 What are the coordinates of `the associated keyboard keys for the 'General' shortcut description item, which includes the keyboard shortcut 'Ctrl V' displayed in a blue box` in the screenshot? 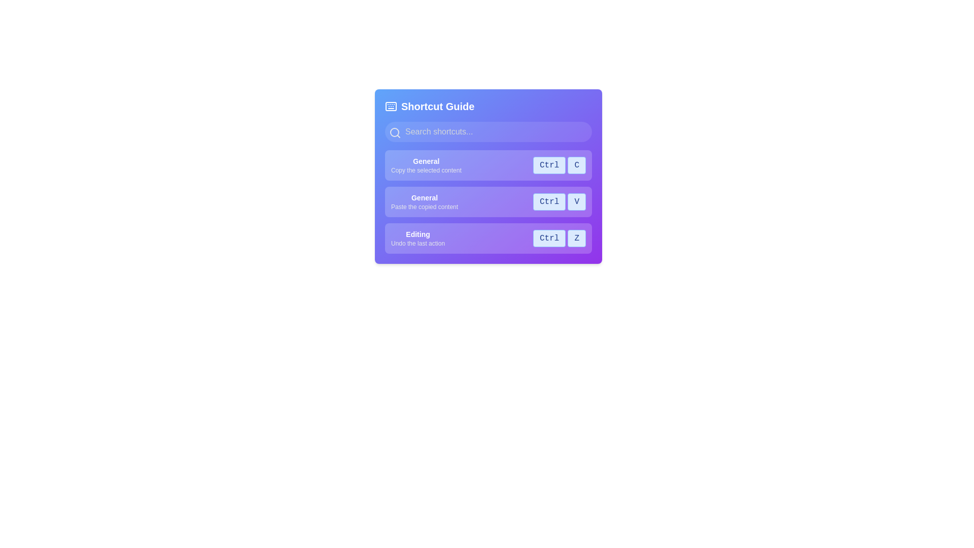 It's located at (489, 201).